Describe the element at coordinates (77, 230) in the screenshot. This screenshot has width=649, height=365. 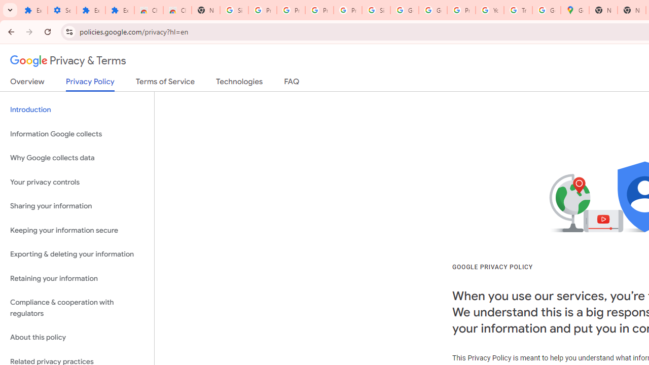
I see `'Keeping your information secure'` at that location.